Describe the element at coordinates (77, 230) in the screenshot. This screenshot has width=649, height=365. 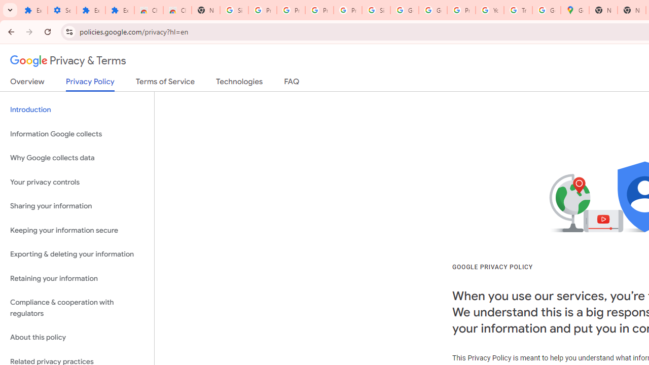
I see `'Keeping your information secure'` at that location.